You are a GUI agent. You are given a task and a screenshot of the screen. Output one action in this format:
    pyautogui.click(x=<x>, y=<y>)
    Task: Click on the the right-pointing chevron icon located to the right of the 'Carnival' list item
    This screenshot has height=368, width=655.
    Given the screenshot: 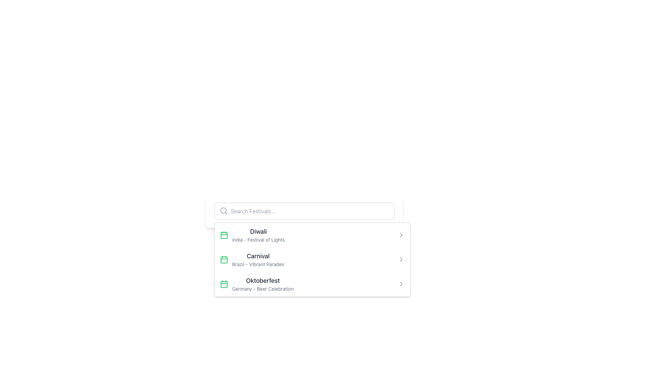 What is the action you would take?
    pyautogui.click(x=401, y=260)
    